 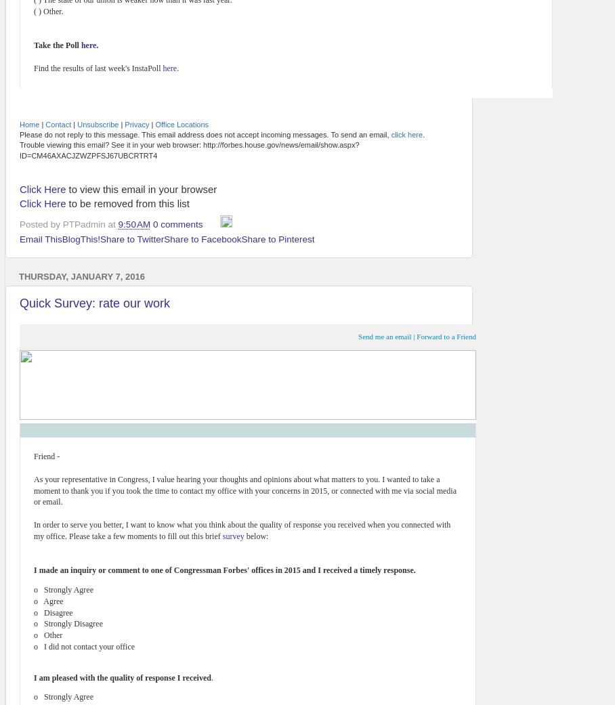 What do you see at coordinates (29, 124) in the screenshot?
I see `'Home'` at bounding box center [29, 124].